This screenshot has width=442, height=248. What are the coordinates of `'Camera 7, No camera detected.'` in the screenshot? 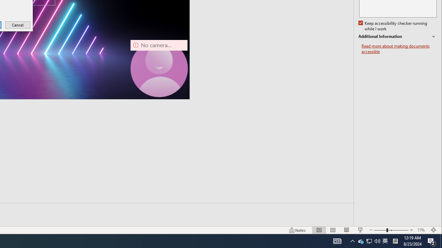 It's located at (158, 68).